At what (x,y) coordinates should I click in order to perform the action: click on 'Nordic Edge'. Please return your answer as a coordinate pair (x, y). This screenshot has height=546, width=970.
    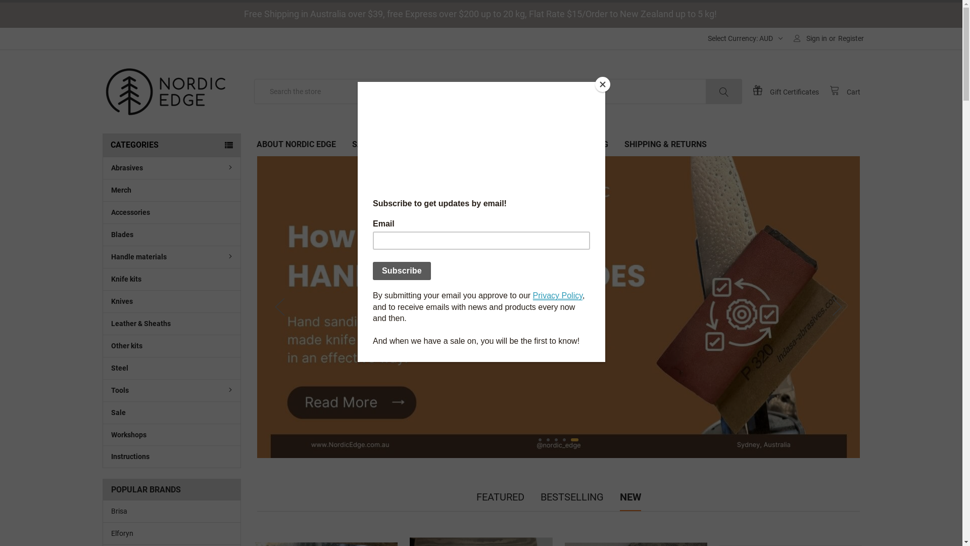
    Looking at the image, I should click on (165, 92).